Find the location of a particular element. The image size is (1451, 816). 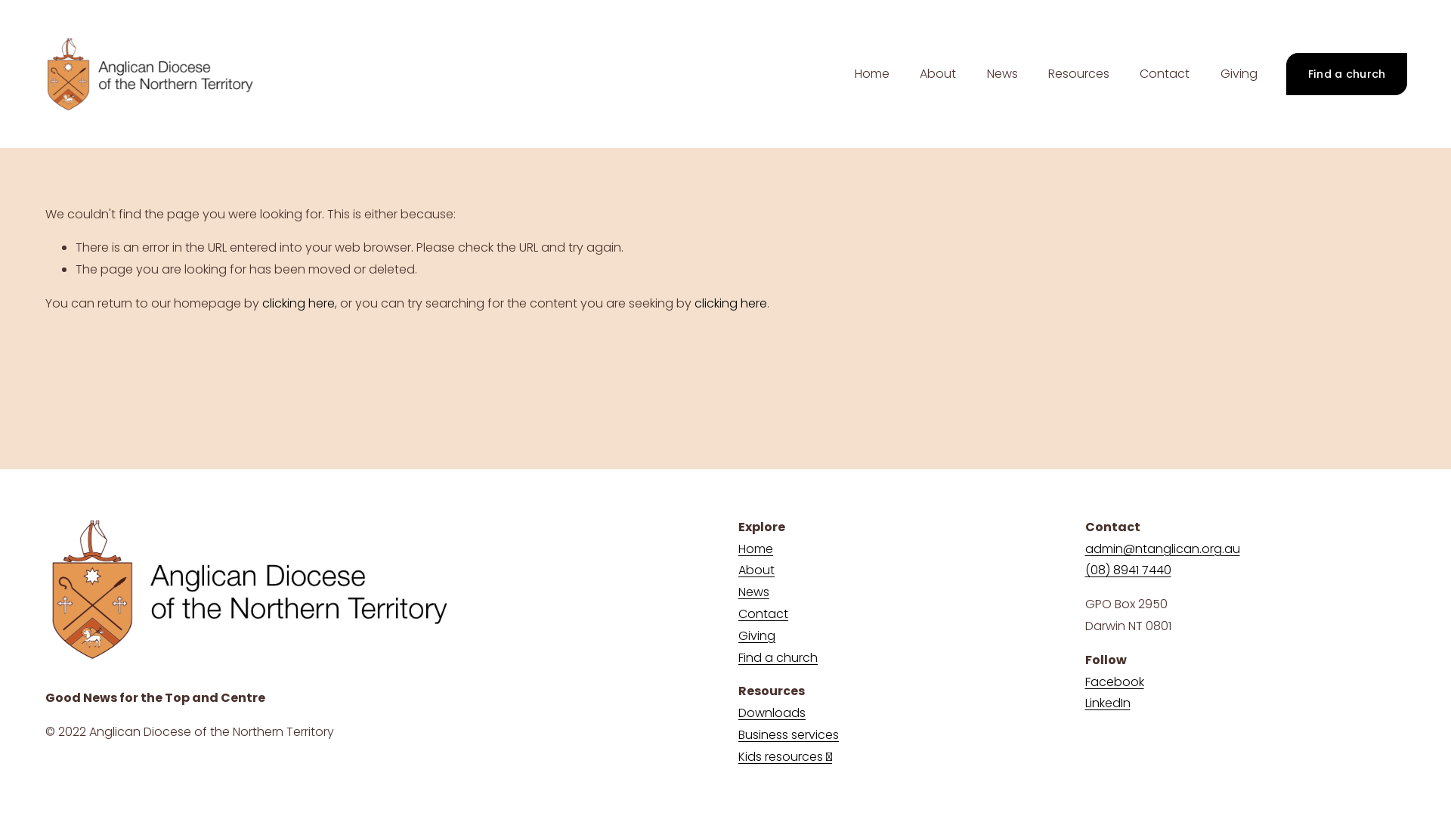

'Home' is located at coordinates (871, 73).